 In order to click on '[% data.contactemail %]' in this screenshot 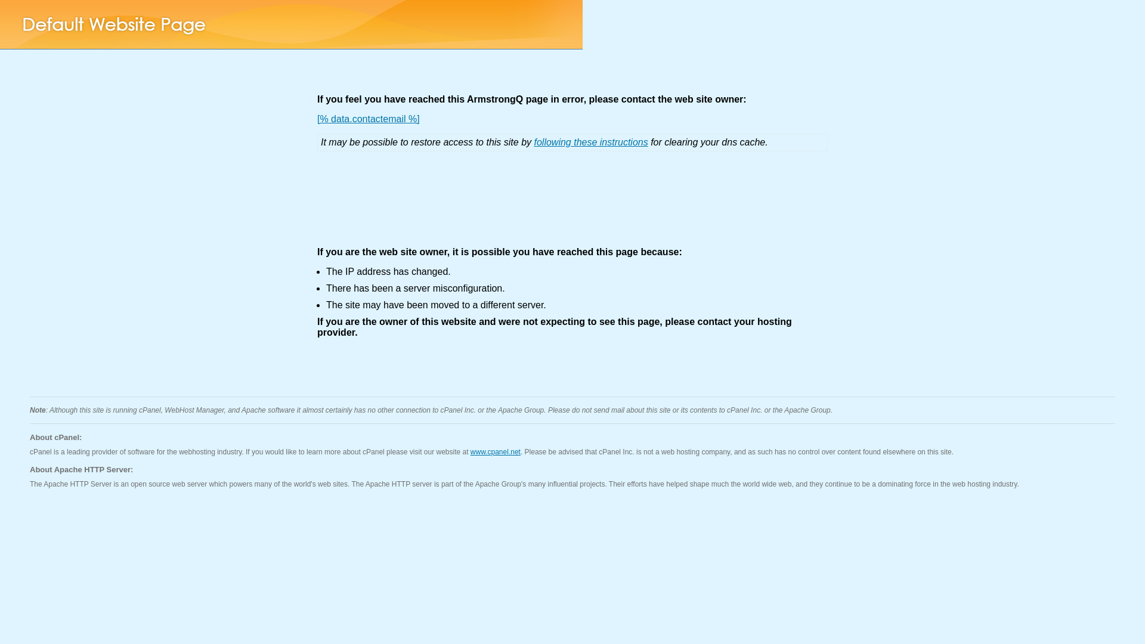, I will do `click(368, 119)`.